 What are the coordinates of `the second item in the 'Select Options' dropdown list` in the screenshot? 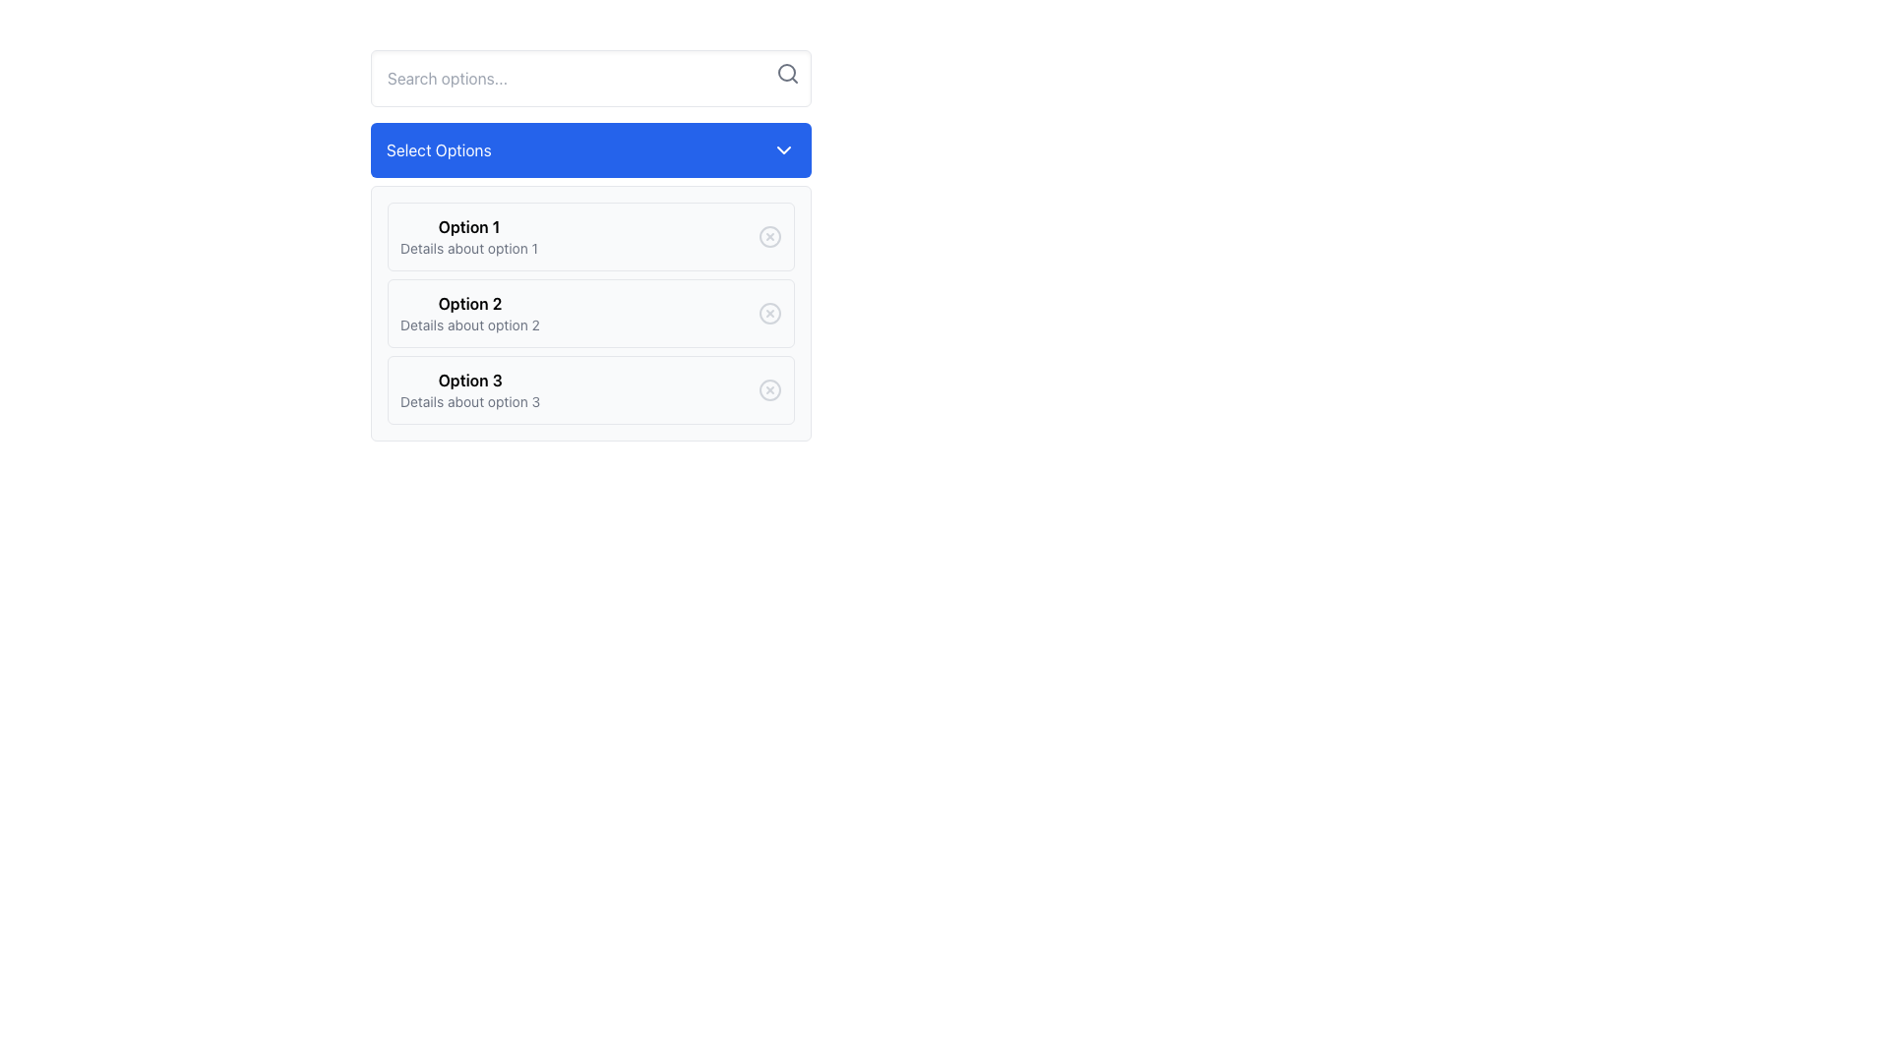 It's located at (468, 313).